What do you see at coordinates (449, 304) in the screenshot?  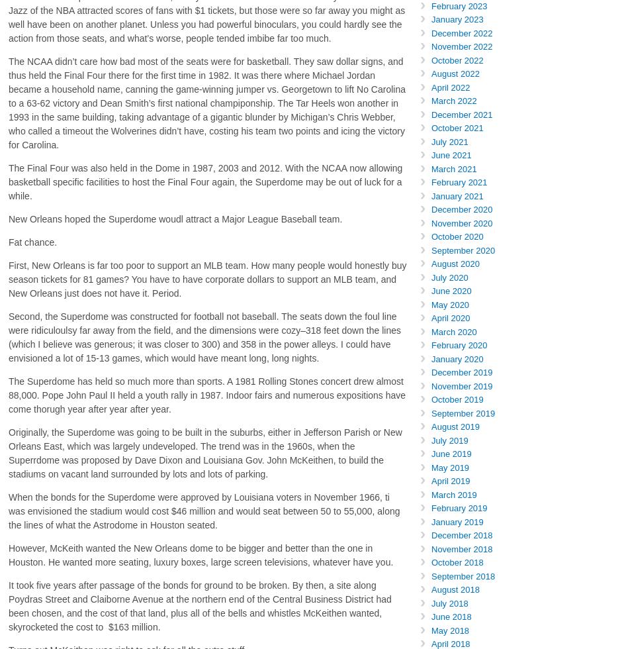 I see `'May 2020'` at bounding box center [449, 304].